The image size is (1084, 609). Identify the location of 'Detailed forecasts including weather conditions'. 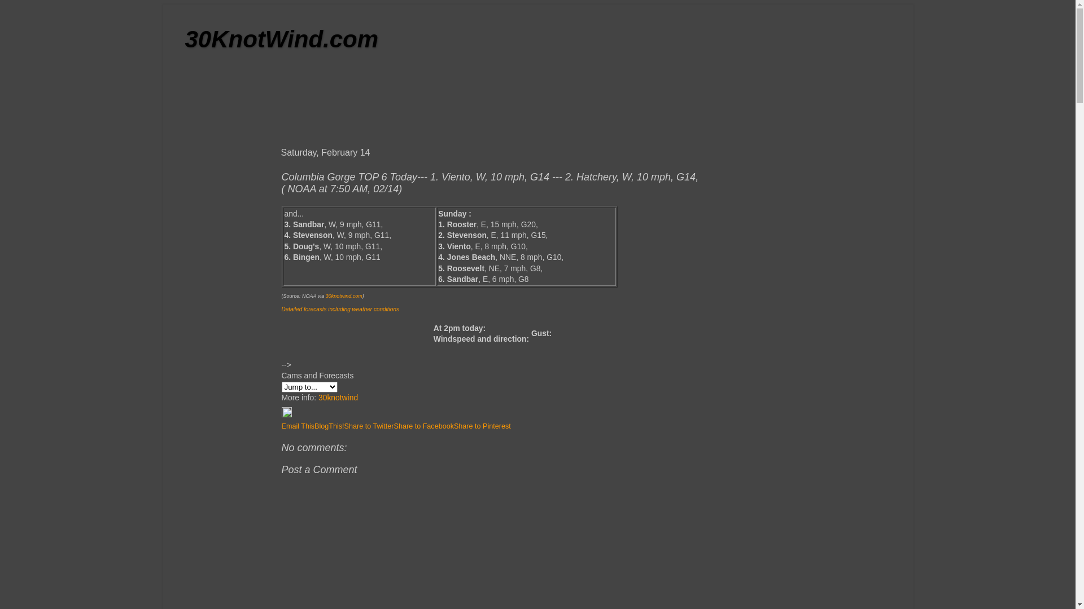
(281, 309).